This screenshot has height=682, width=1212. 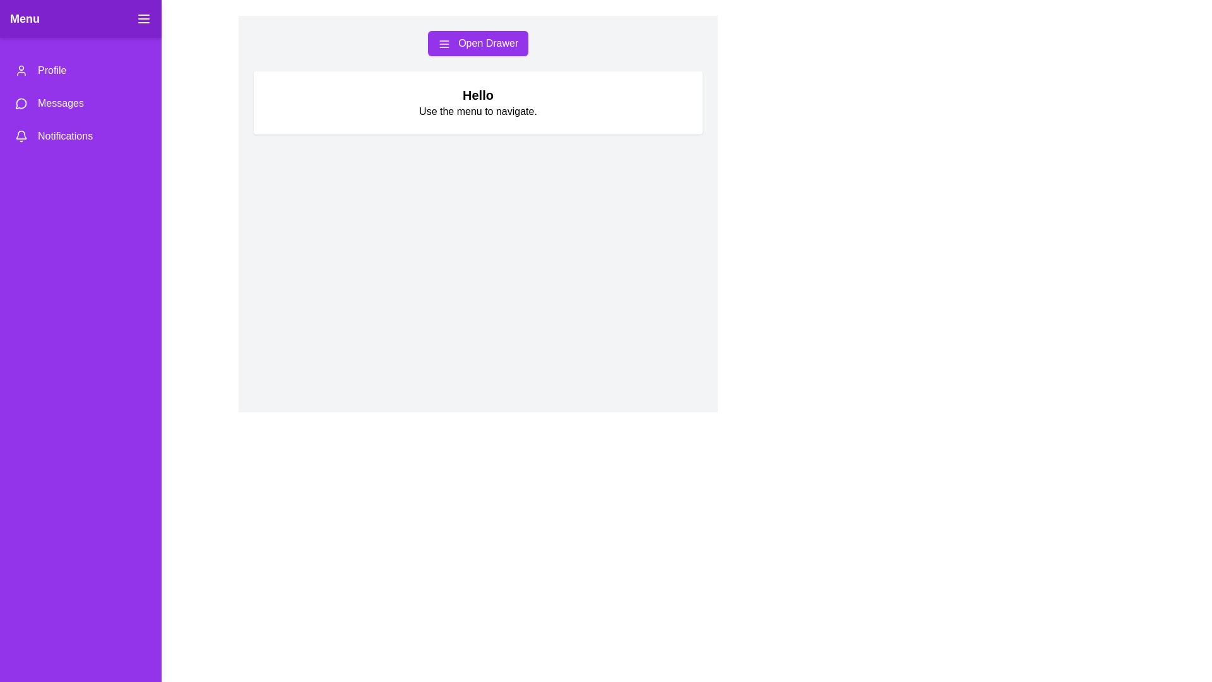 I want to click on the notifications icon, which is a purple bell graphic, so click(x=21, y=134).